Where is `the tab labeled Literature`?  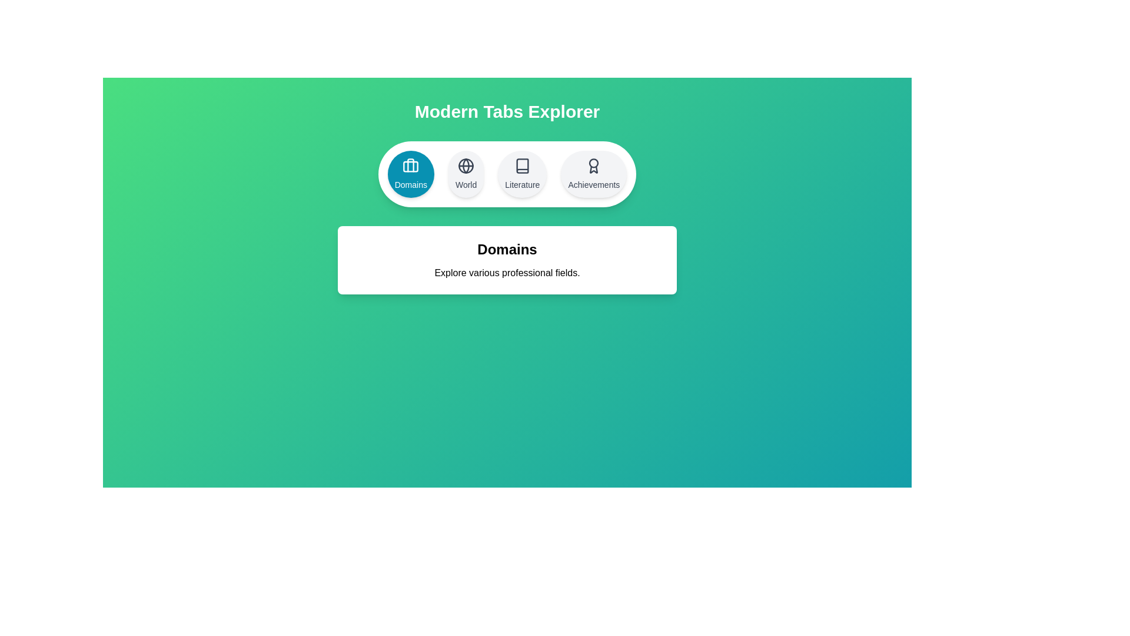
the tab labeled Literature is located at coordinates (522, 174).